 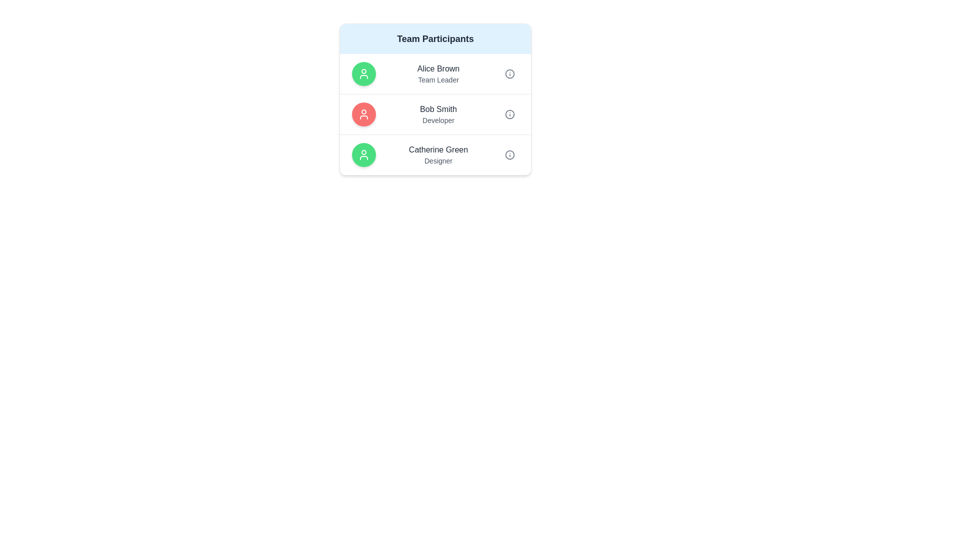 What do you see at coordinates (438, 109) in the screenshot?
I see `the Text Label that displays the name of the individual associated with the list entry in the team participant list` at bounding box center [438, 109].